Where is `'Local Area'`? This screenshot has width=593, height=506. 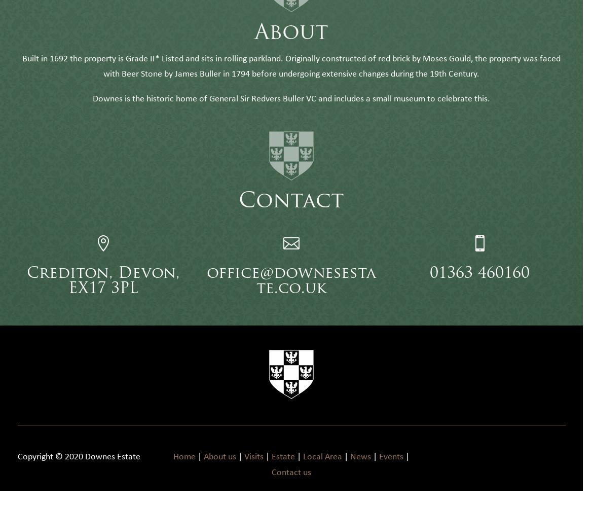
'Local Area' is located at coordinates (322, 472).